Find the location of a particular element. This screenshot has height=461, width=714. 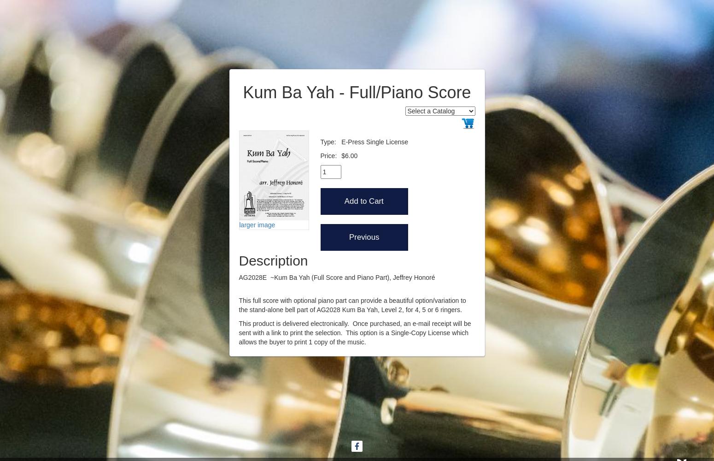

'This product is delivered electronically.  Once purchased, an e-mail receipt will be sent with a link to print the selection.  This option is a Single-Copy License which allows the buyer to print 1 copy of the music.' is located at coordinates (238, 332).